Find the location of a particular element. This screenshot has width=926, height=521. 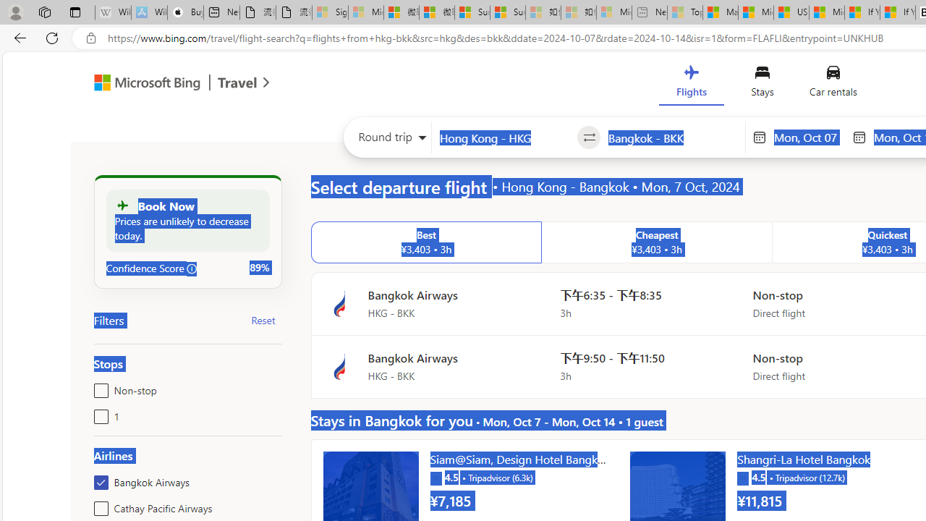

'Class: msft-travel-logo' is located at coordinates (237, 82).